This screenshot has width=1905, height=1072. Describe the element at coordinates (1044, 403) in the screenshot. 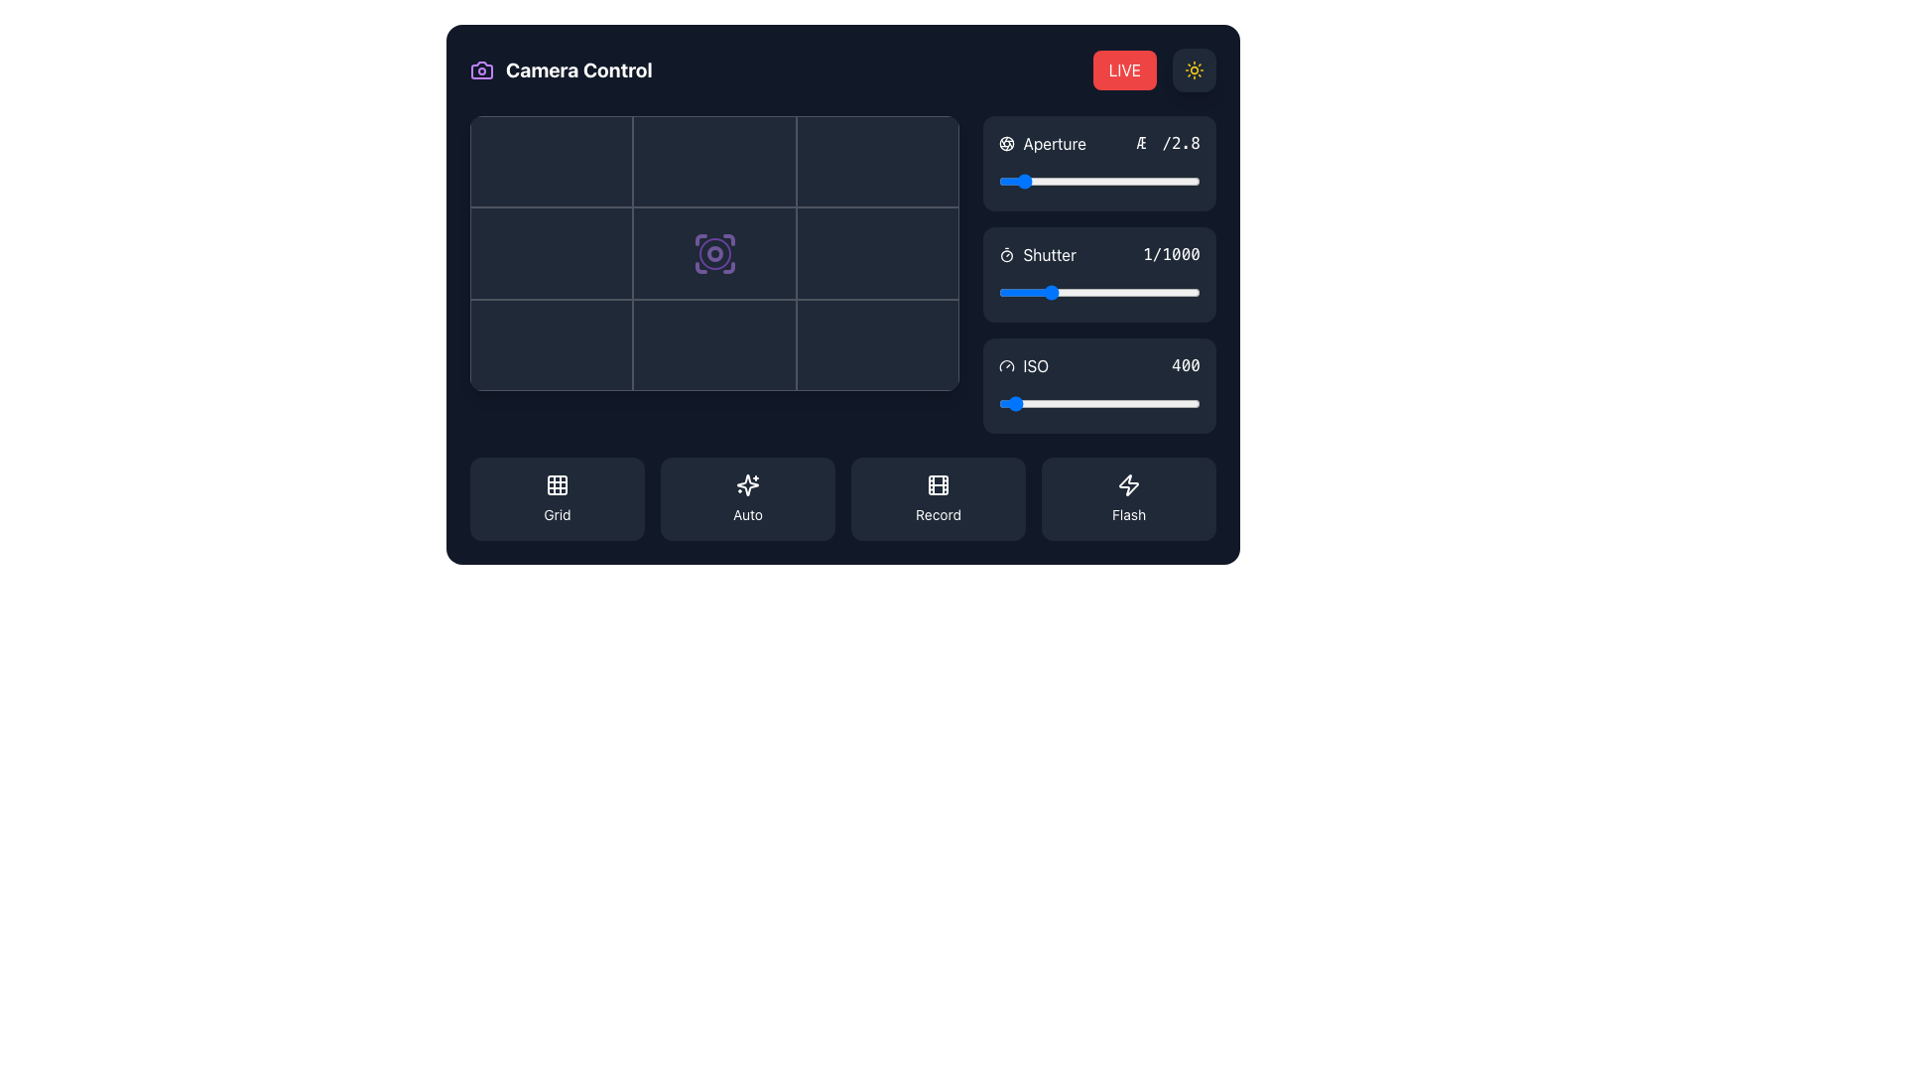

I see `ISO value` at that location.